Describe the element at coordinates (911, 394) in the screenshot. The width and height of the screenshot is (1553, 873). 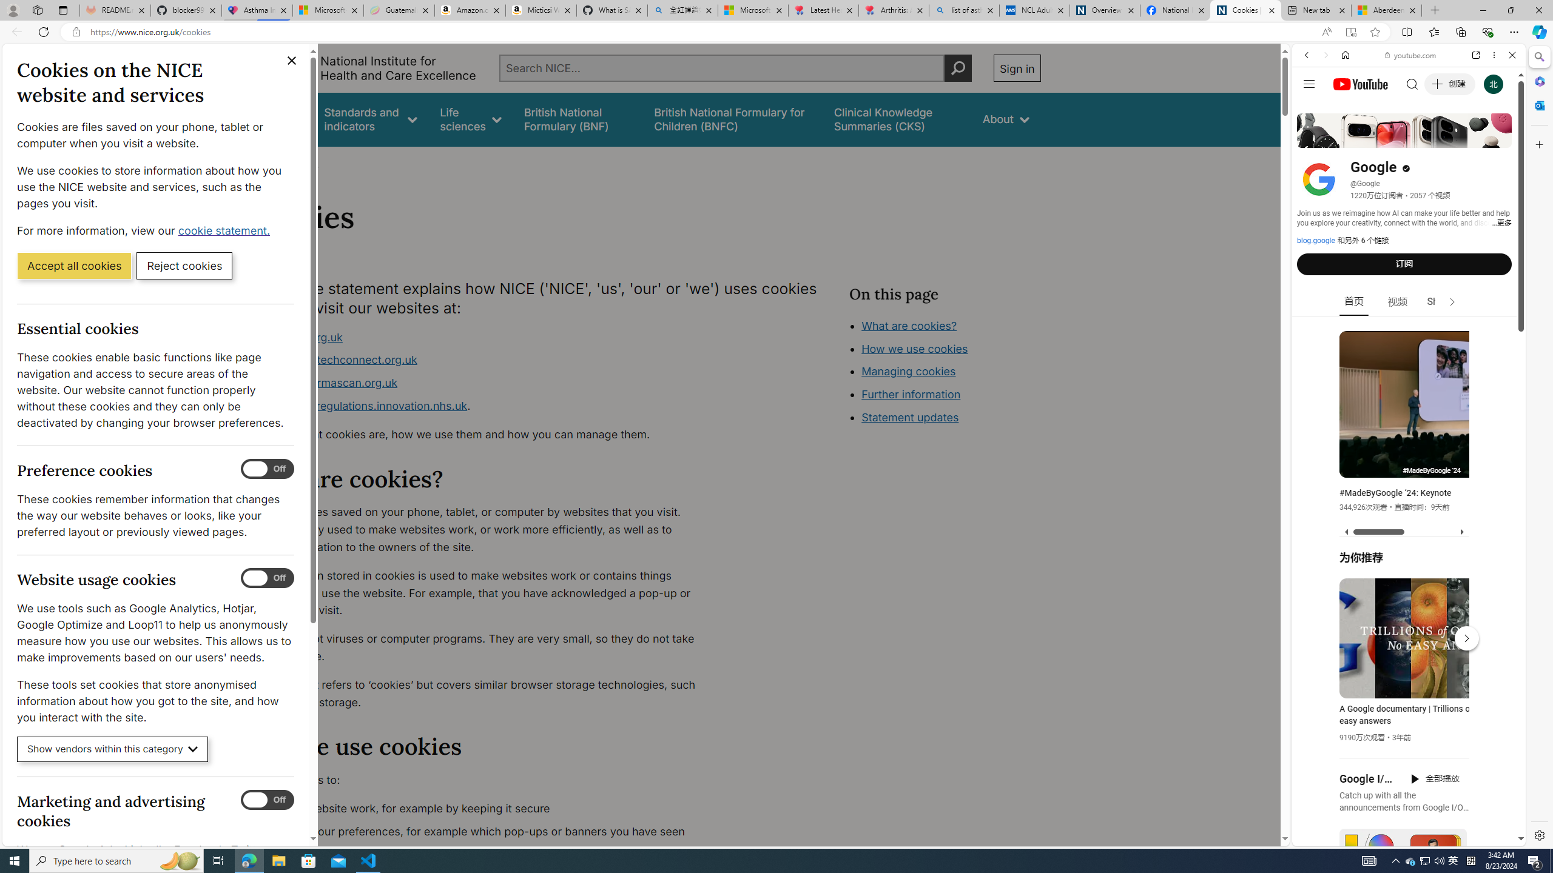
I see `'Further information'` at that location.